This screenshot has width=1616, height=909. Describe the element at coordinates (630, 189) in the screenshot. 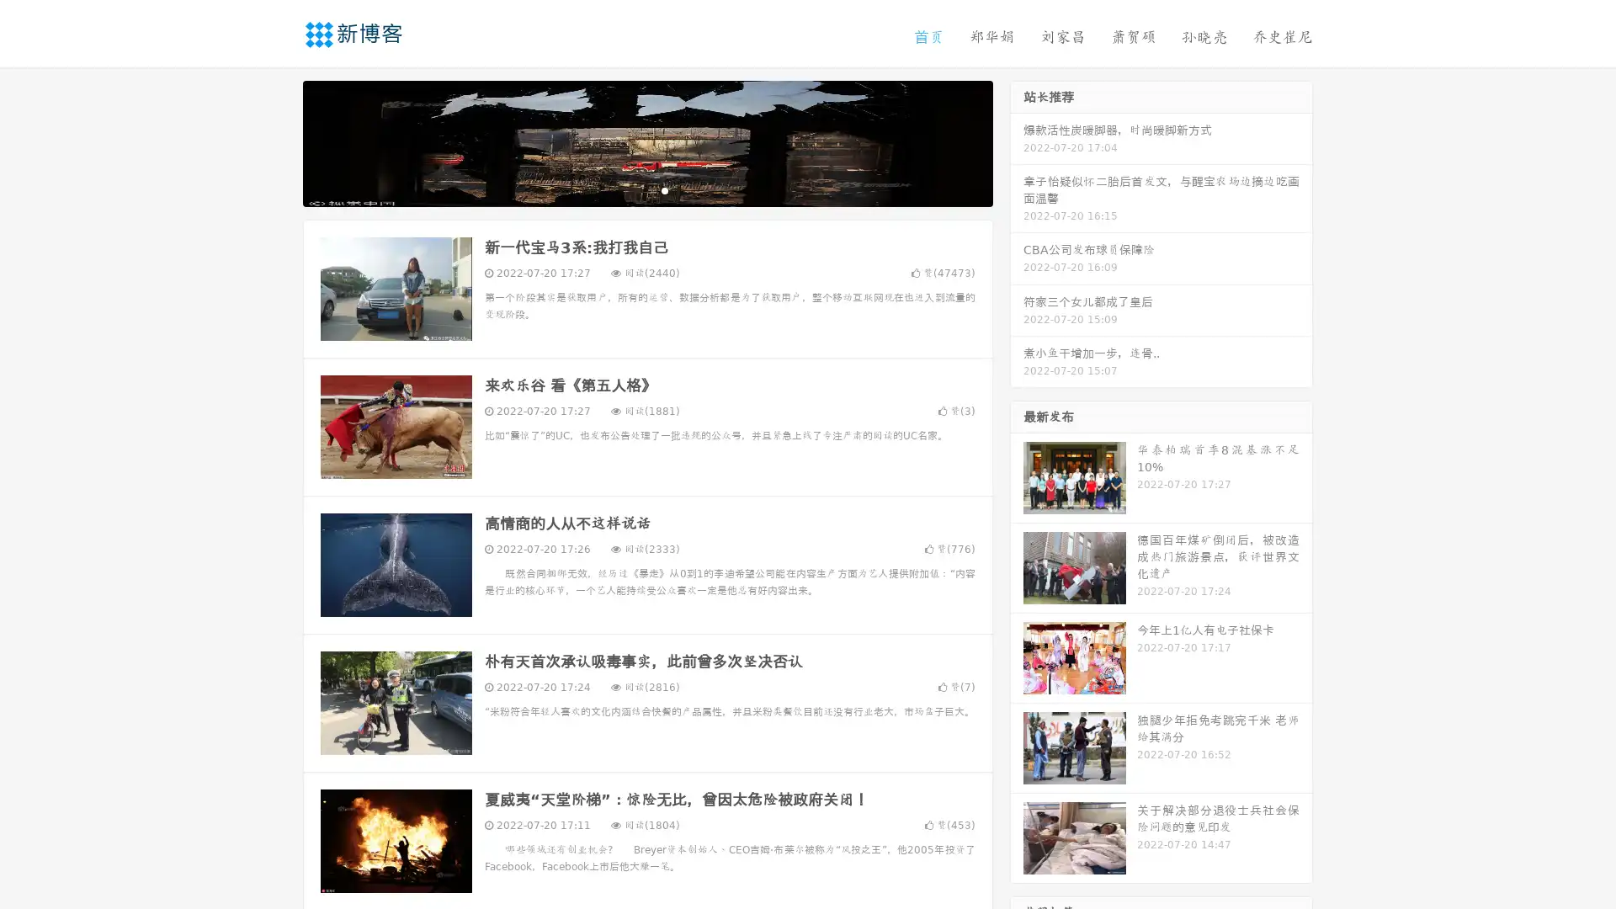

I see `Go to slide 1` at that location.